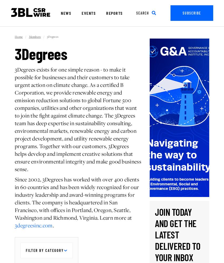  What do you see at coordinates (53, 225) in the screenshot?
I see `'.'` at bounding box center [53, 225].